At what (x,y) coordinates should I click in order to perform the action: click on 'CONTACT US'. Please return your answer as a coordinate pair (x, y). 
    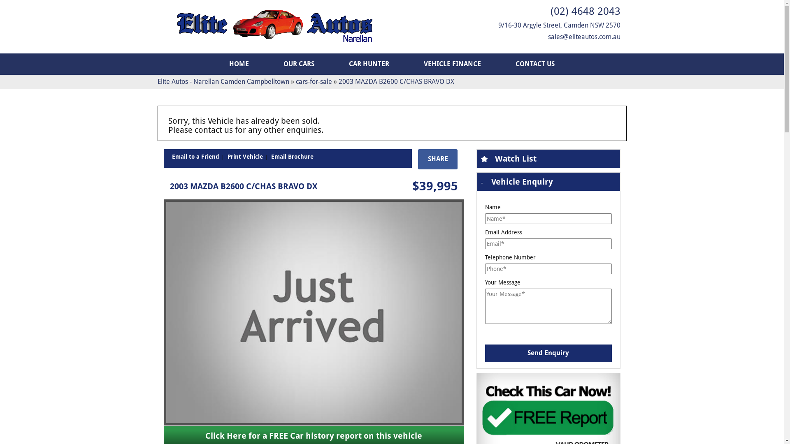
    Looking at the image, I should click on (535, 63).